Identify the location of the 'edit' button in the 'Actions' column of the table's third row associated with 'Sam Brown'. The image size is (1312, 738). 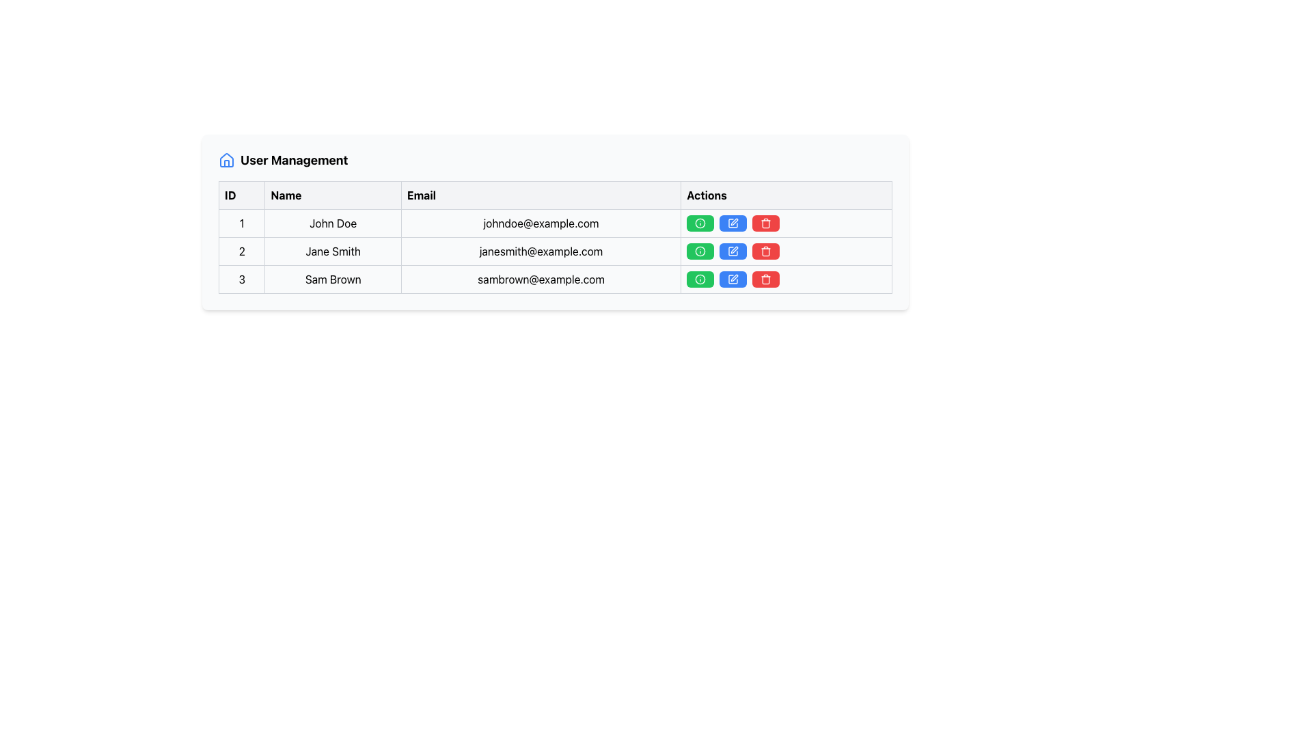
(733, 278).